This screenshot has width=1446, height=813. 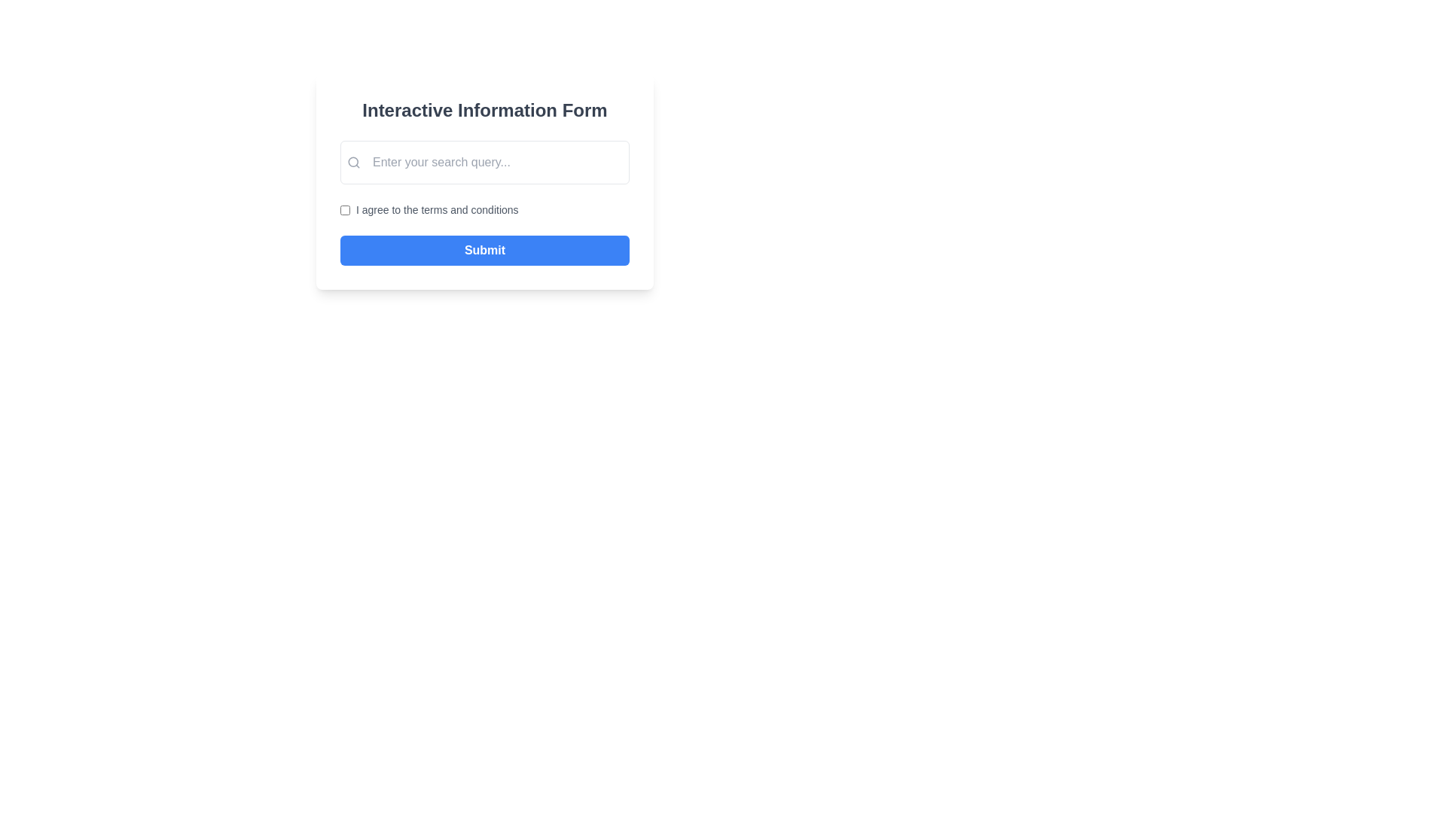 What do you see at coordinates (491, 163) in the screenshot?
I see `on the search input field located` at bounding box center [491, 163].